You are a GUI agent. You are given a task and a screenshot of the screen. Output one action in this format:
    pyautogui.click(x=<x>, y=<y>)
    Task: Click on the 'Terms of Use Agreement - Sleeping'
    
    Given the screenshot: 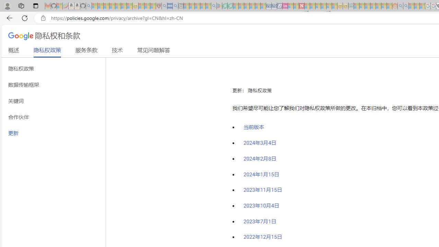 What is the action you would take?
    pyautogui.click(x=225, y=6)
    